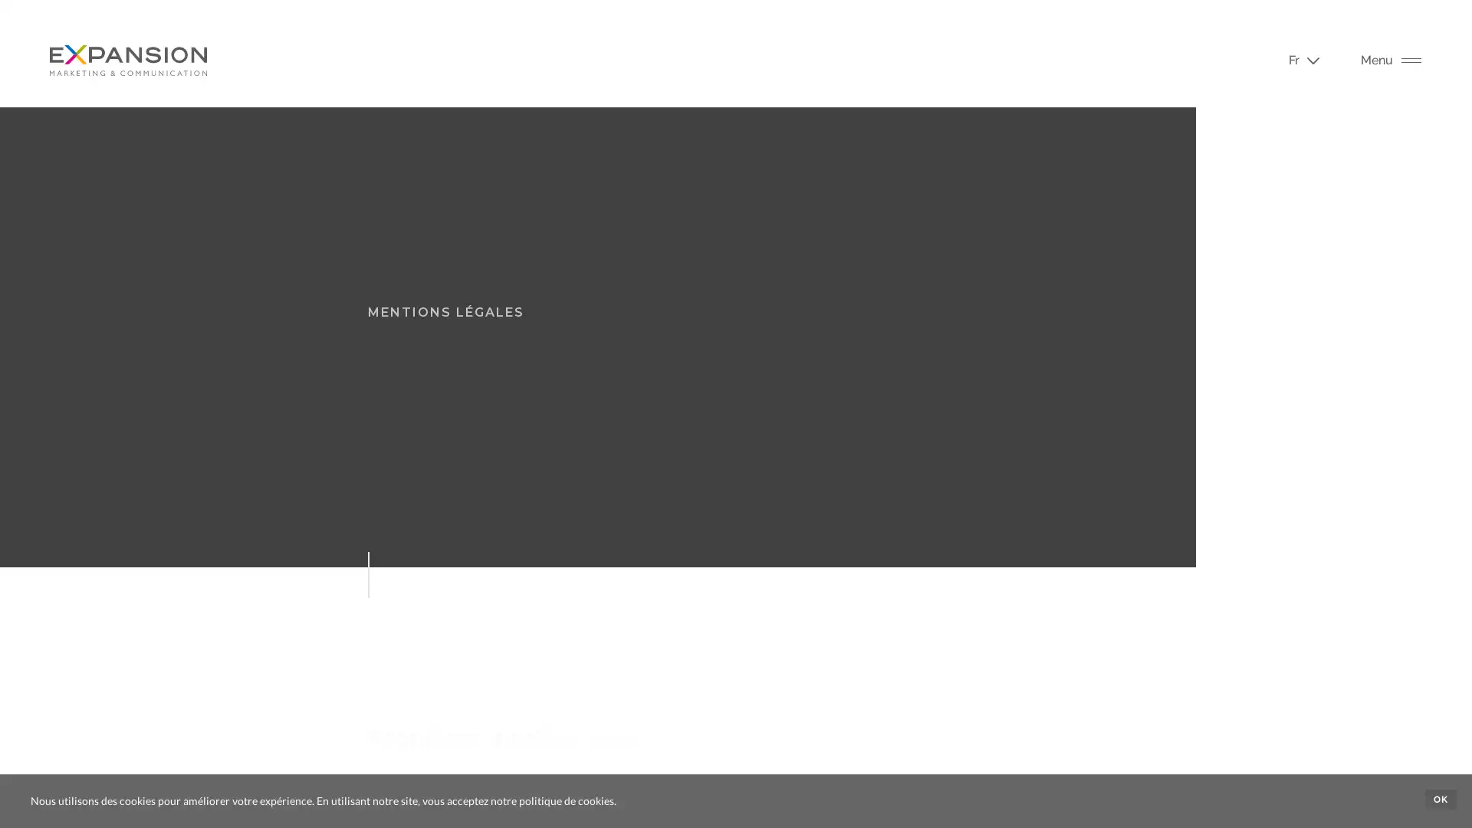 The height and width of the screenshot is (828, 1472). Describe the element at coordinates (1440, 798) in the screenshot. I see `OK` at that location.